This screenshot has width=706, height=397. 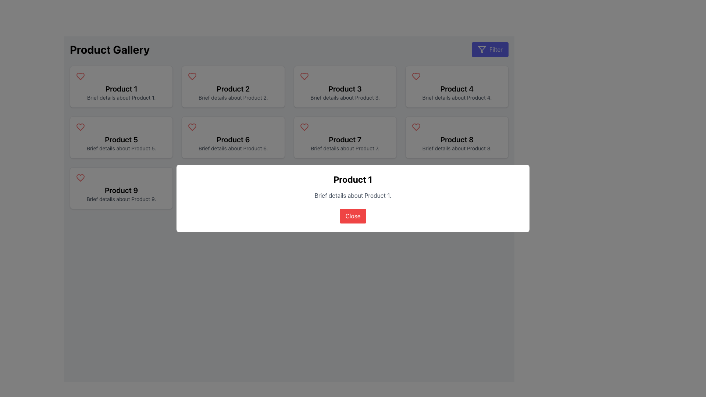 I want to click on the heart-shaped icon located at the top-left corner of the 'Product 1' card, so click(x=81, y=76).